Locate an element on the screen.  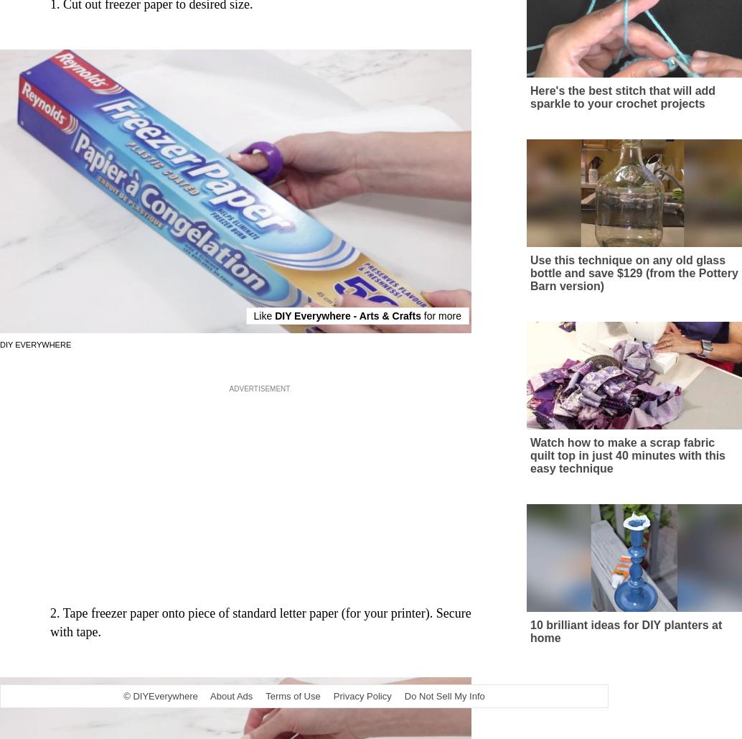
'for more' is located at coordinates (441, 329).